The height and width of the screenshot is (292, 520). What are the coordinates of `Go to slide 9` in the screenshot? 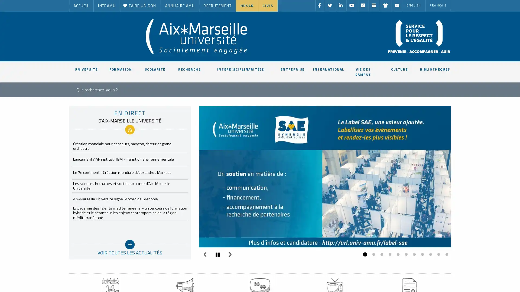 It's located at (429, 254).